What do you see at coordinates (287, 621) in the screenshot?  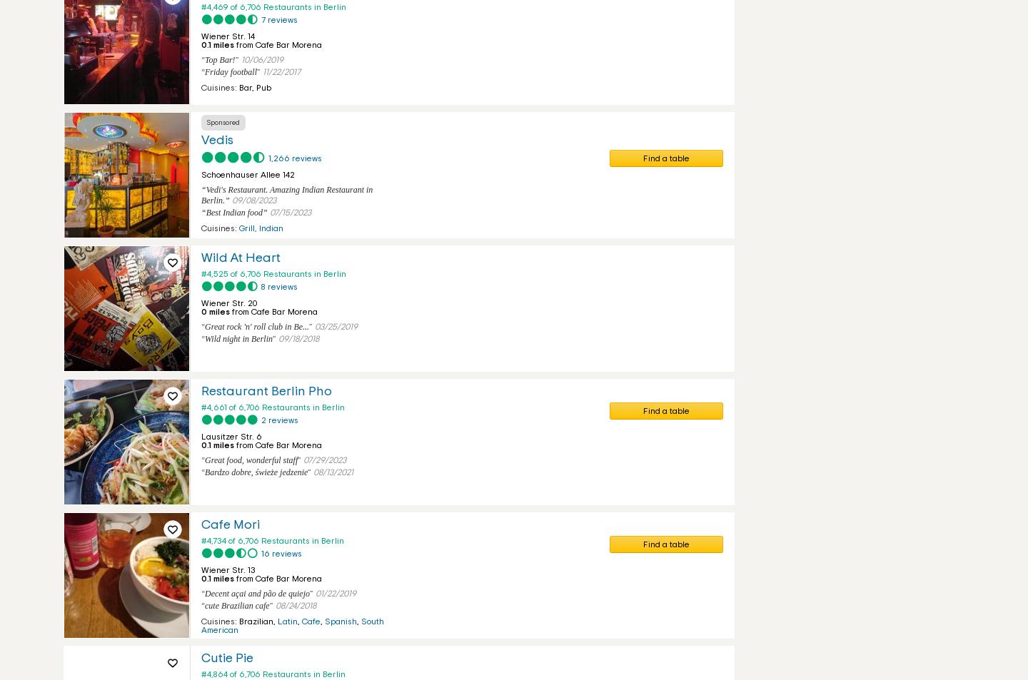 I see `'Latin'` at bounding box center [287, 621].